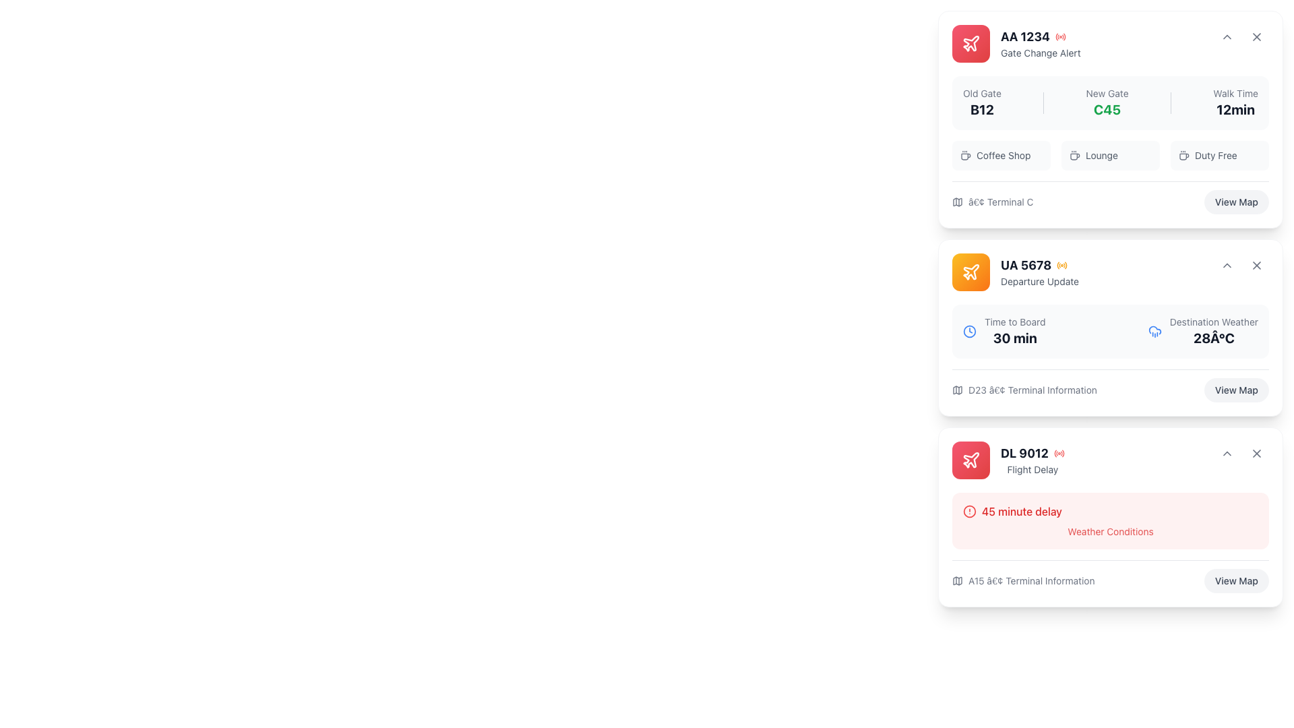  What do you see at coordinates (1154, 332) in the screenshot?
I see `the visual content of the cloud icon with rain drops, which is styled in blue and located adjacent to the text 'Destination Weather 28°C' in the second card from the top` at bounding box center [1154, 332].